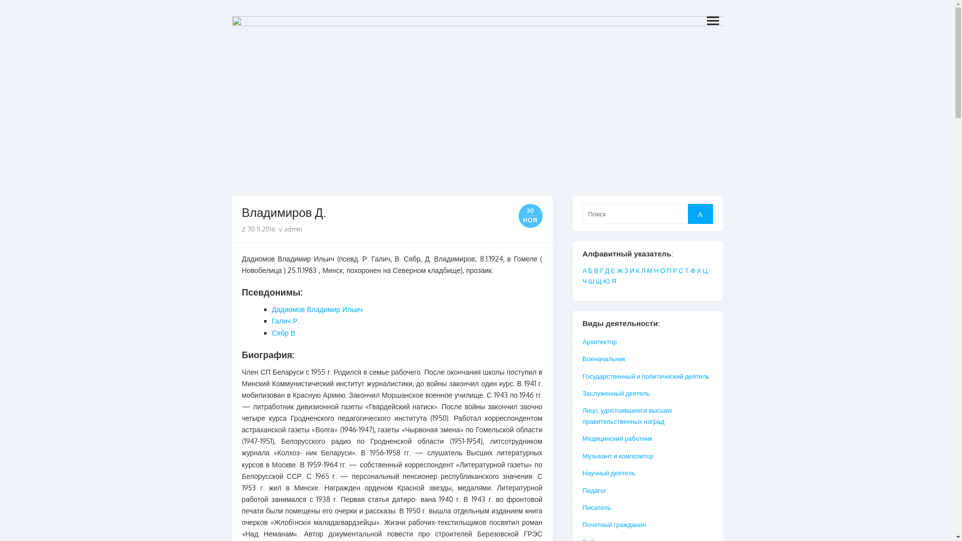  I want to click on '30.11.2016', so click(262, 228).